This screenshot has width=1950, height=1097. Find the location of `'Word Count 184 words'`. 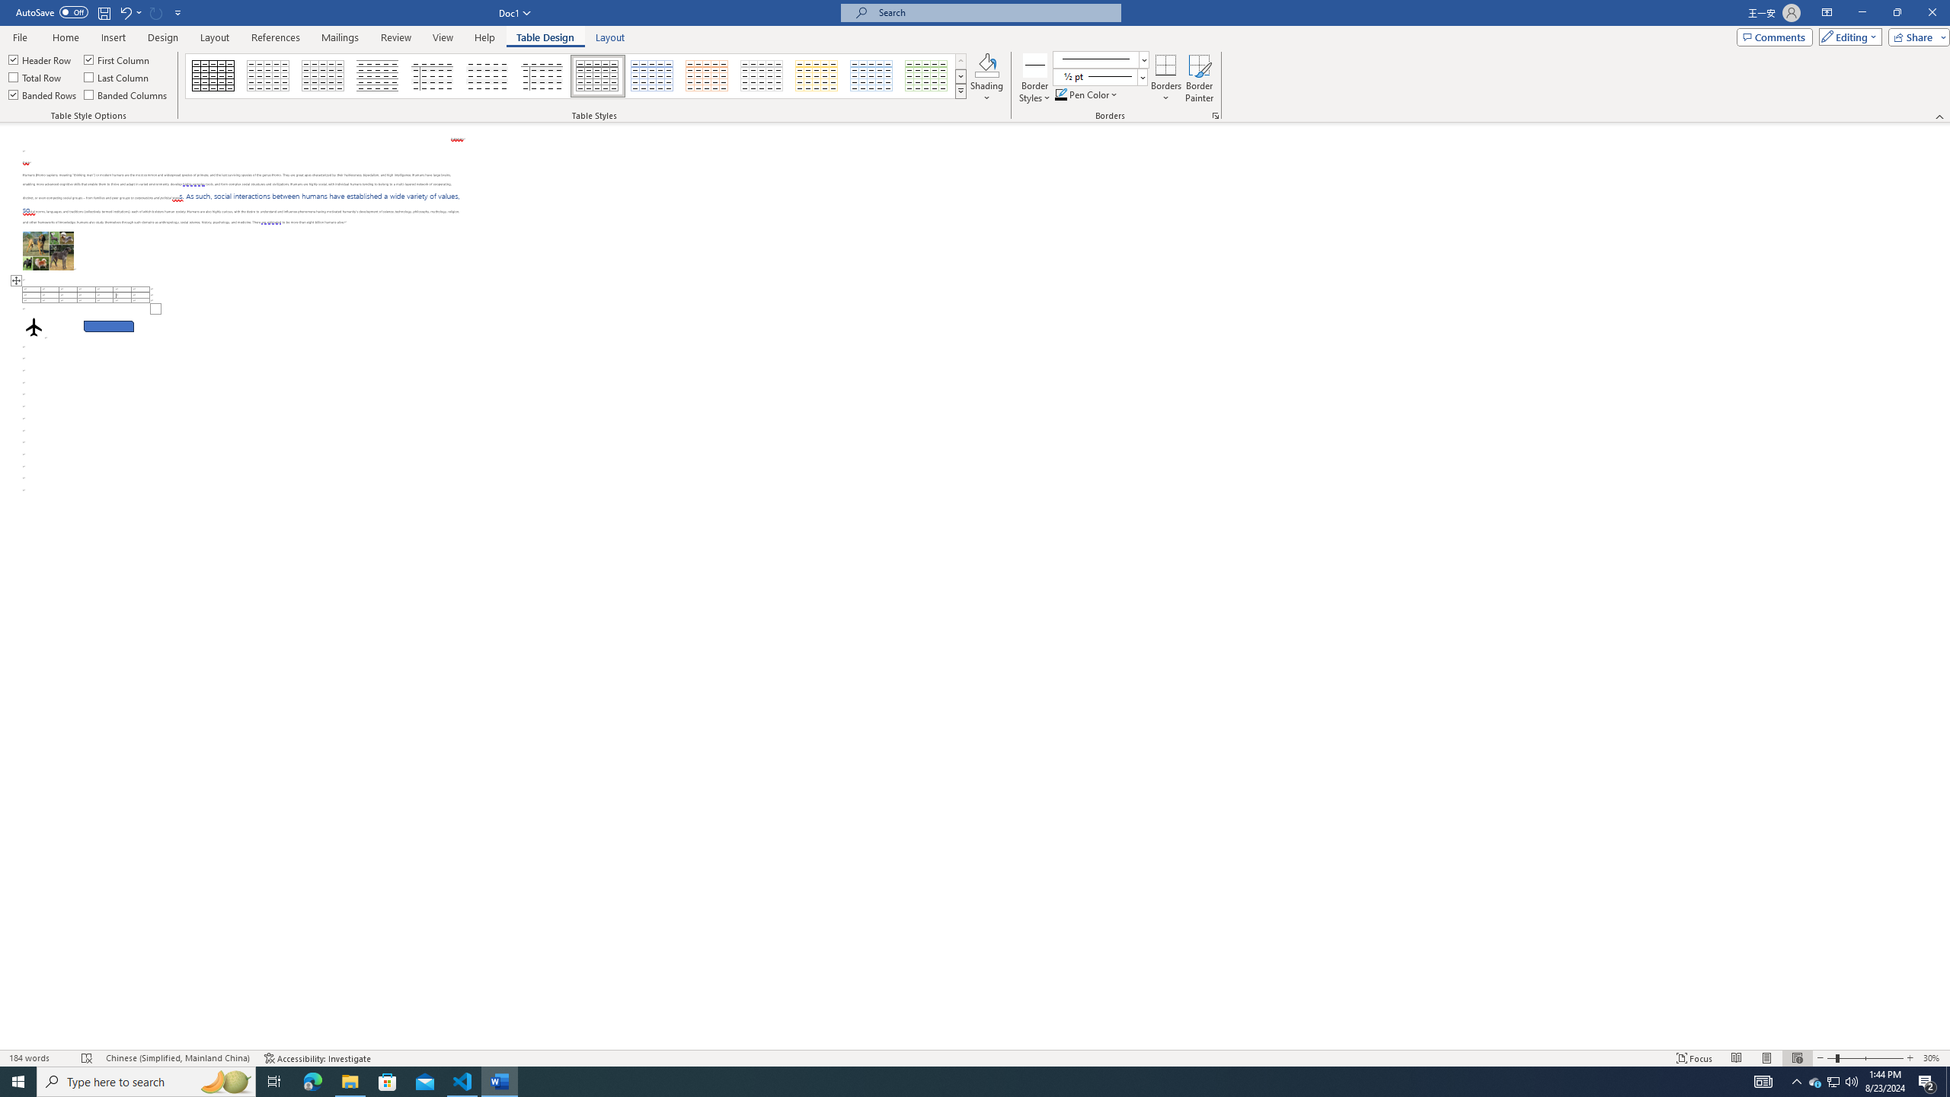

'Word Count 184 words' is located at coordinates (38, 1058).